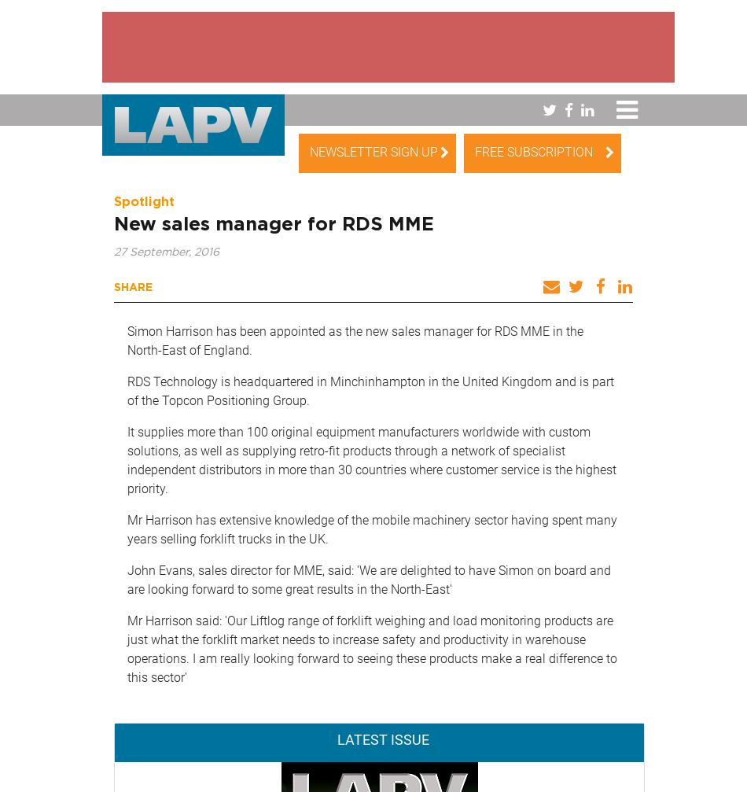 This screenshot has height=792, width=747. What do you see at coordinates (113, 224) in the screenshot?
I see `'New sales manager for RDS MME'` at bounding box center [113, 224].